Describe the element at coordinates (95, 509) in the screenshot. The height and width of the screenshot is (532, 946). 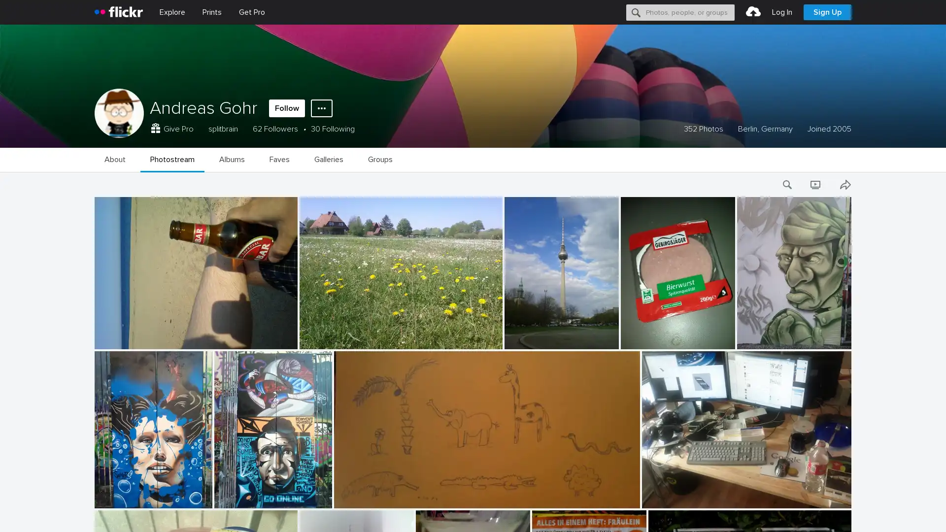
I see `Add to Favorites` at that location.